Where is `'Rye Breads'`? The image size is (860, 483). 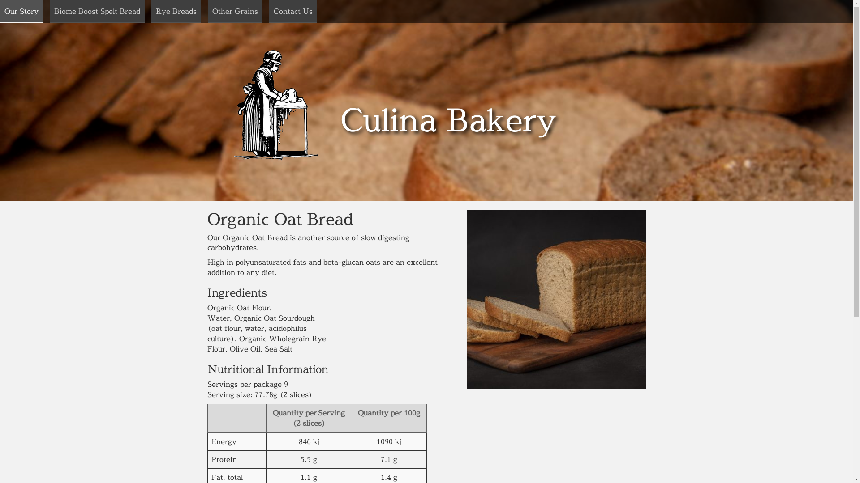
'Rye Breads' is located at coordinates (176, 11).